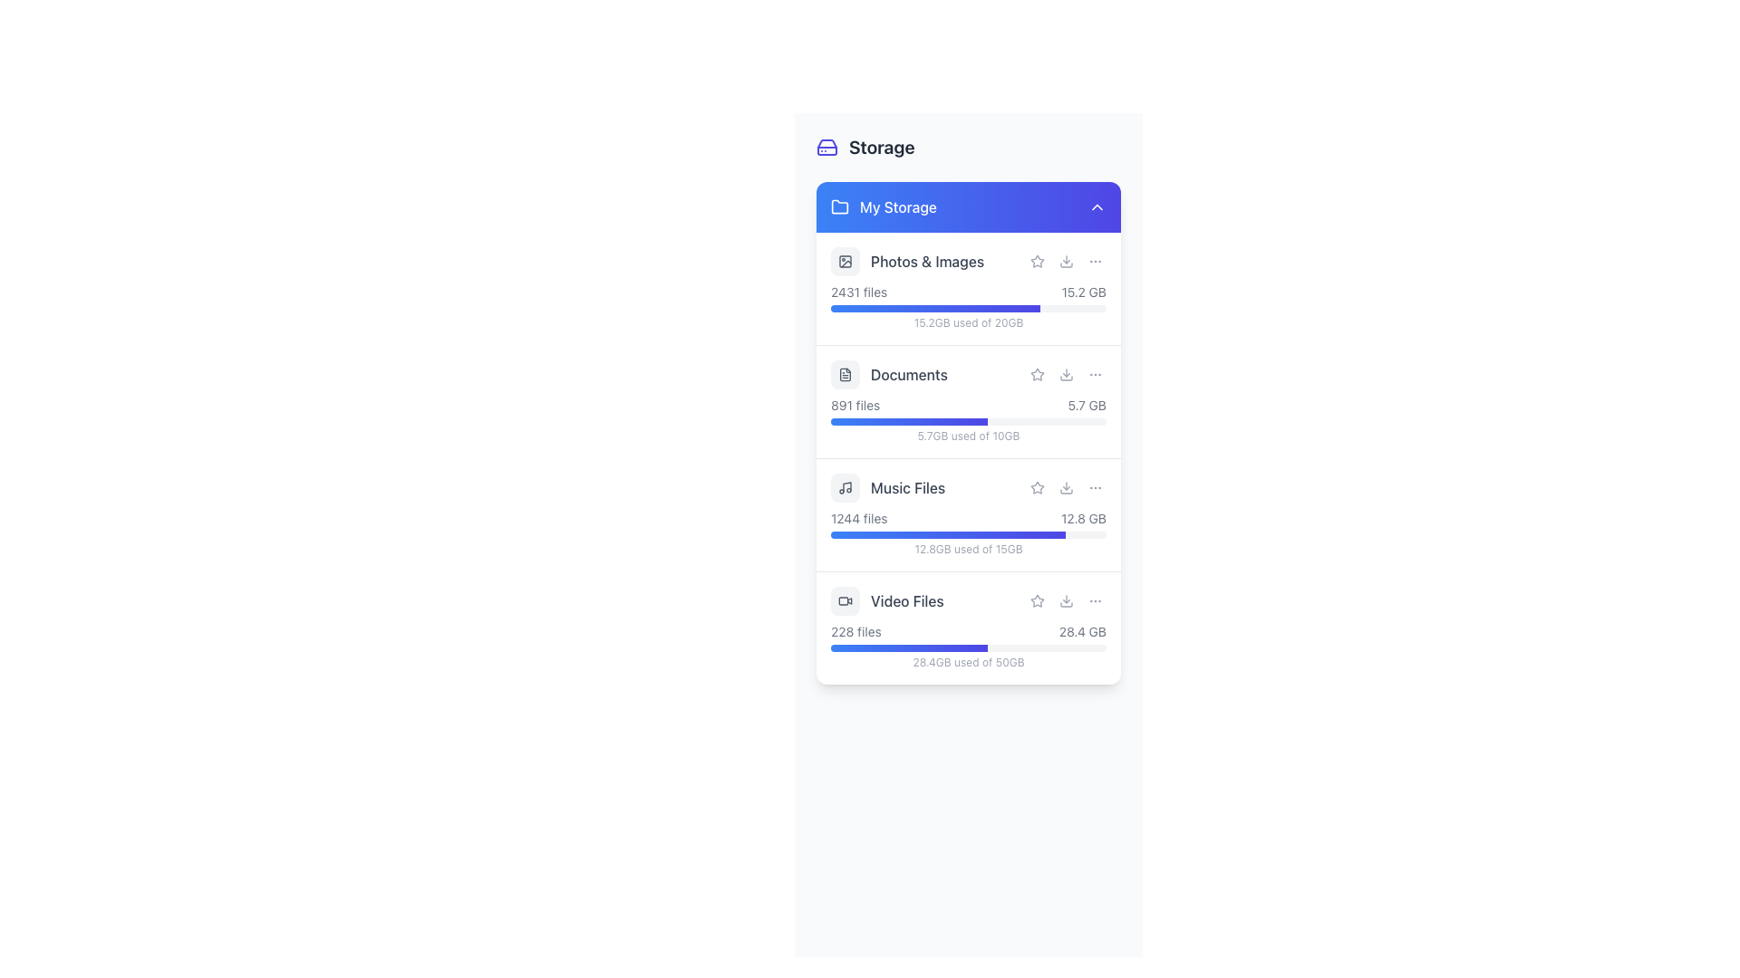 The height and width of the screenshot is (978, 1740). What do you see at coordinates (1066, 487) in the screenshot?
I see `the circular download button with a downward arrow icon located in the 'Music Files' row to initiate download` at bounding box center [1066, 487].